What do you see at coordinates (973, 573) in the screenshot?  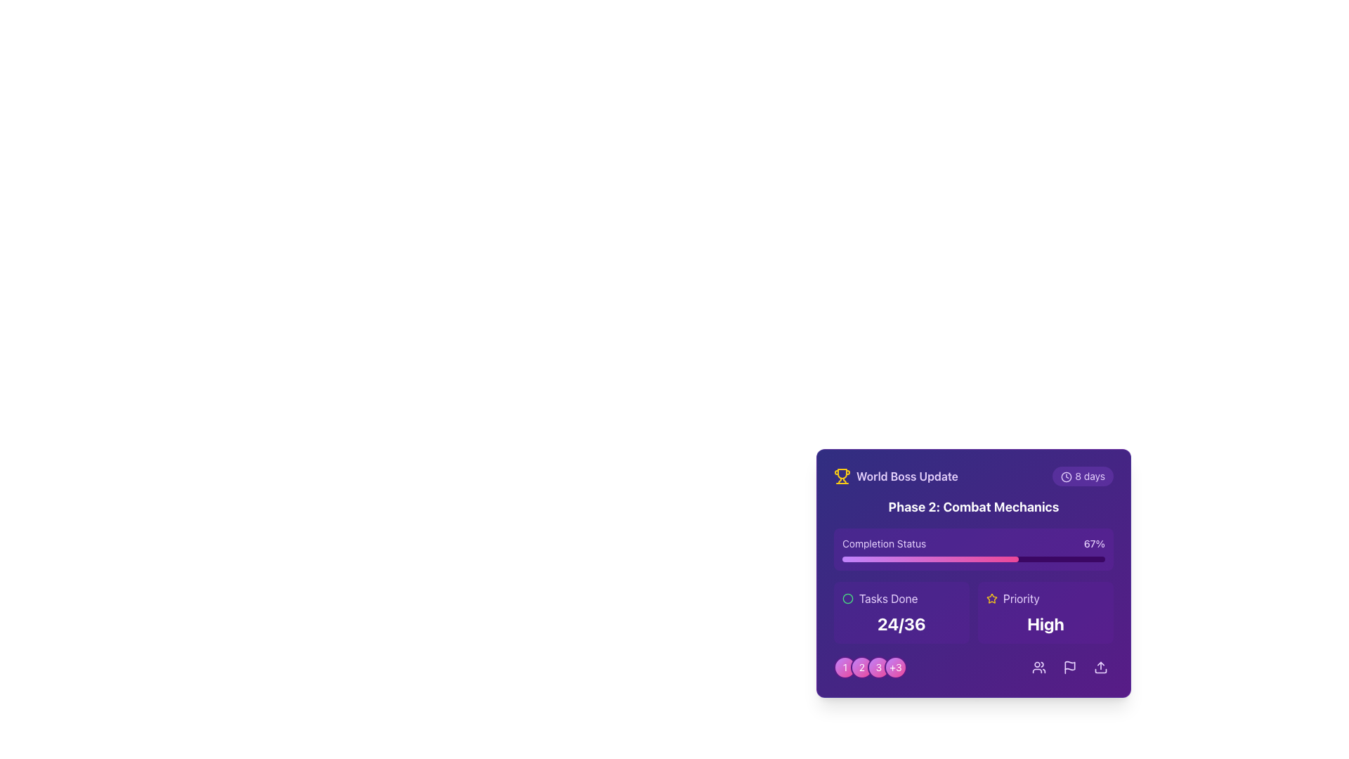 I see `information displayed on the Dashboard summary card titled 'World Boss Update' with a subtitle 'Phase 2: Combat Mechanics', located in the bottom right quarter of the interface` at bounding box center [973, 573].